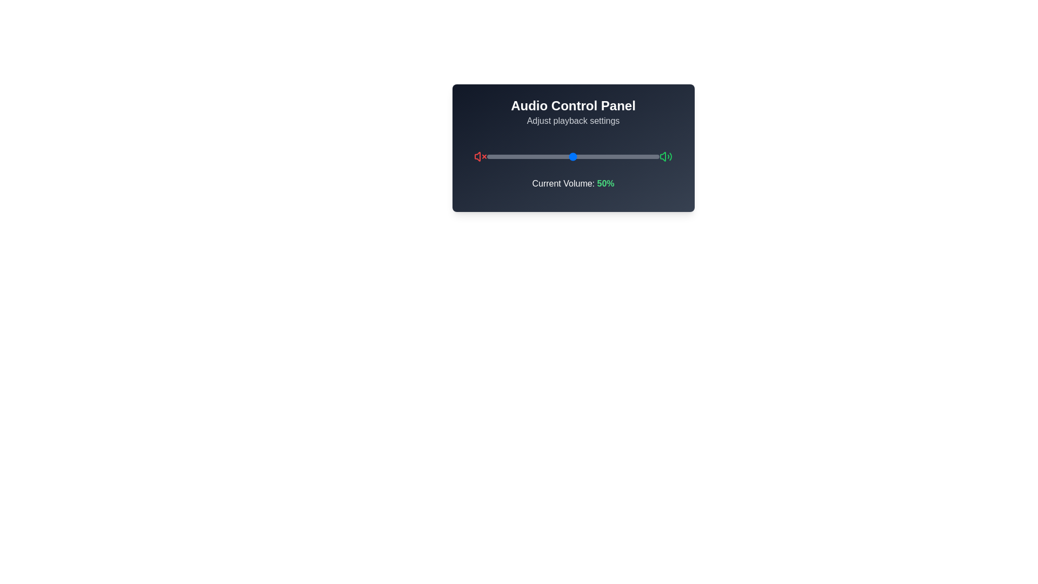 The width and height of the screenshot is (1038, 584). Describe the element at coordinates (654, 156) in the screenshot. I see `the volume slider to set the volume to 97%` at that location.